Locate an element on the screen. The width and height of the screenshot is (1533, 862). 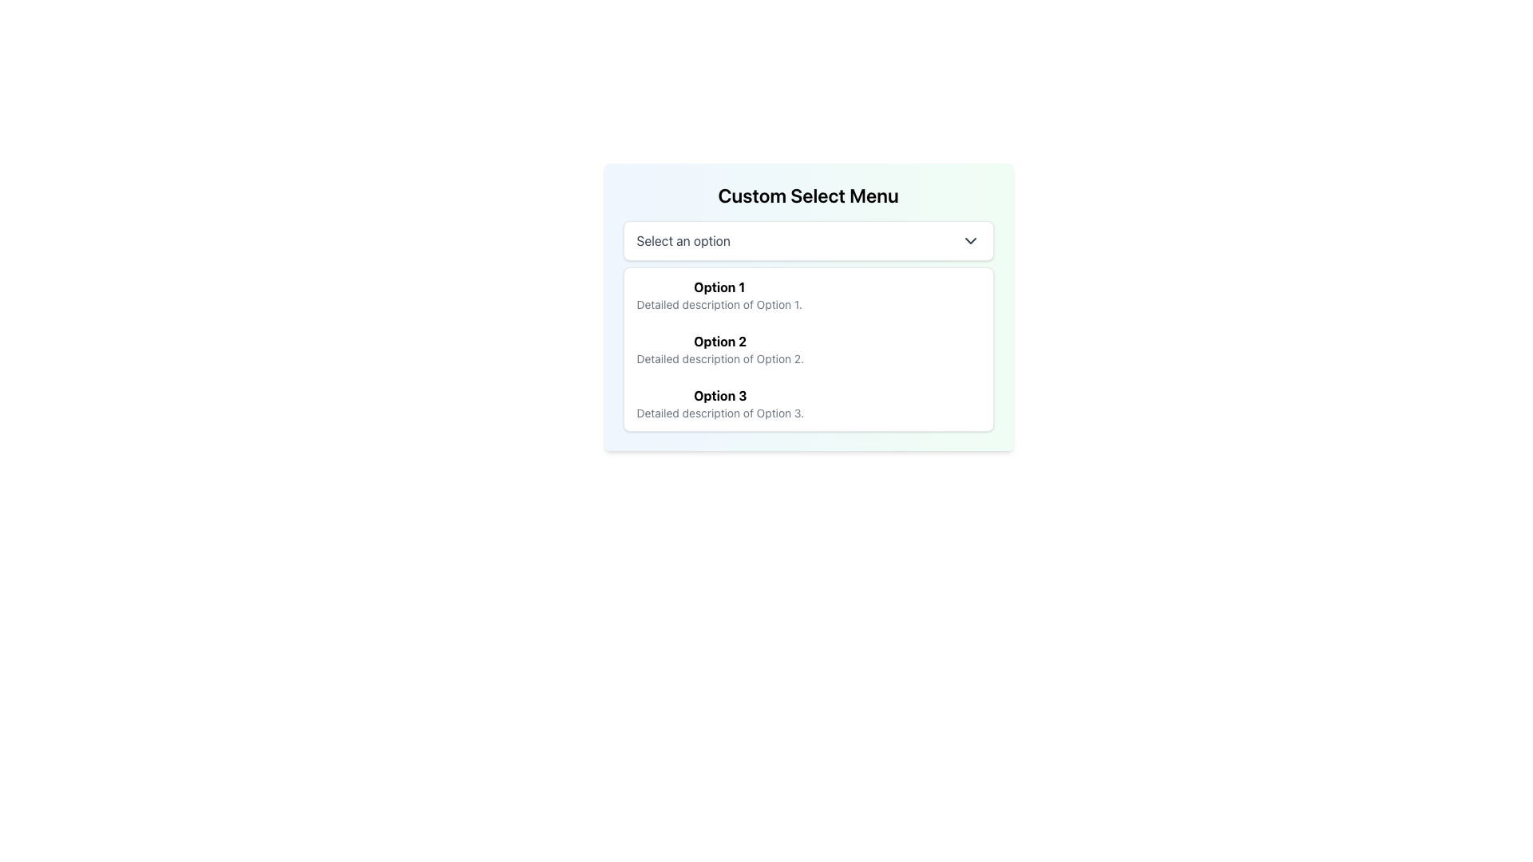
the line of text styled with a smaller font size and gray color that provides additional information about 'Option 1' in the dropdown menu is located at coordinates (719, 304).